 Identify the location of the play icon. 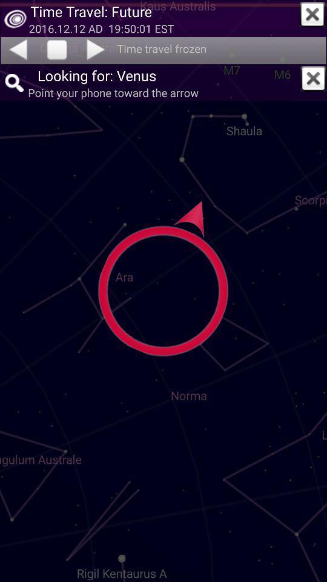
(96, 49).